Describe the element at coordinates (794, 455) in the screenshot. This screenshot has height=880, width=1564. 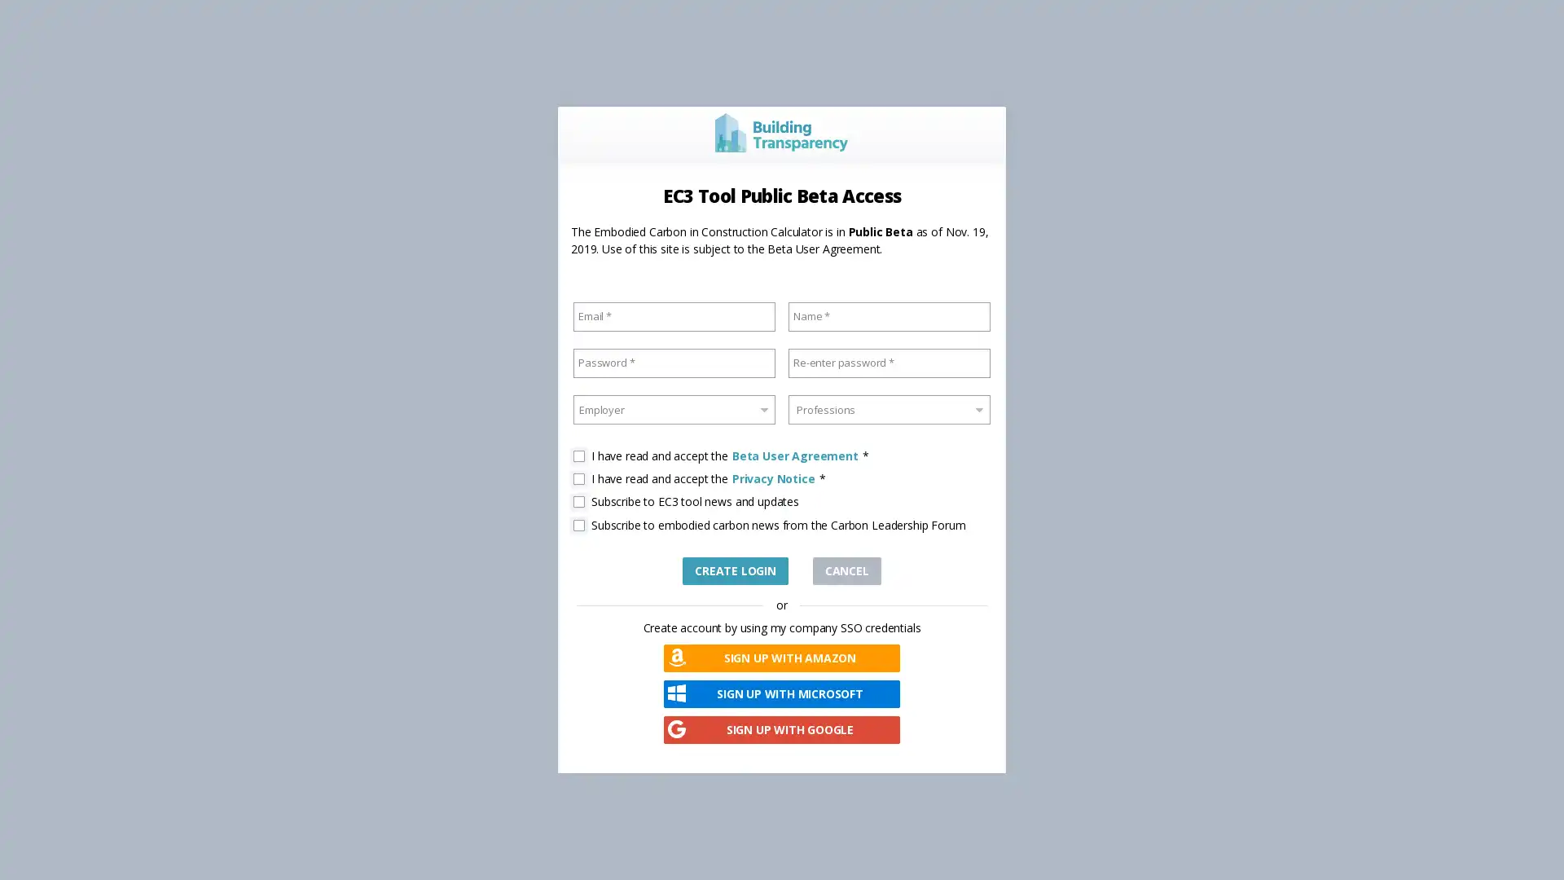
I see `Beta User Agreement` at that location.